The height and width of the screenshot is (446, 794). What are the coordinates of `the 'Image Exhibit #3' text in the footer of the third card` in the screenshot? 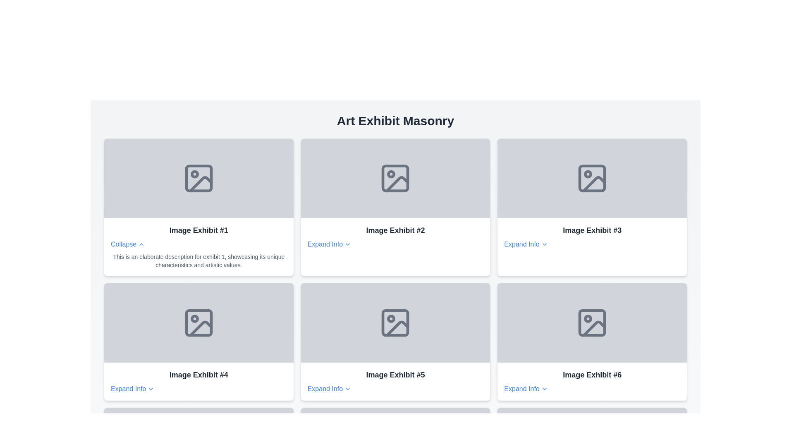 It's located at (592, 237).